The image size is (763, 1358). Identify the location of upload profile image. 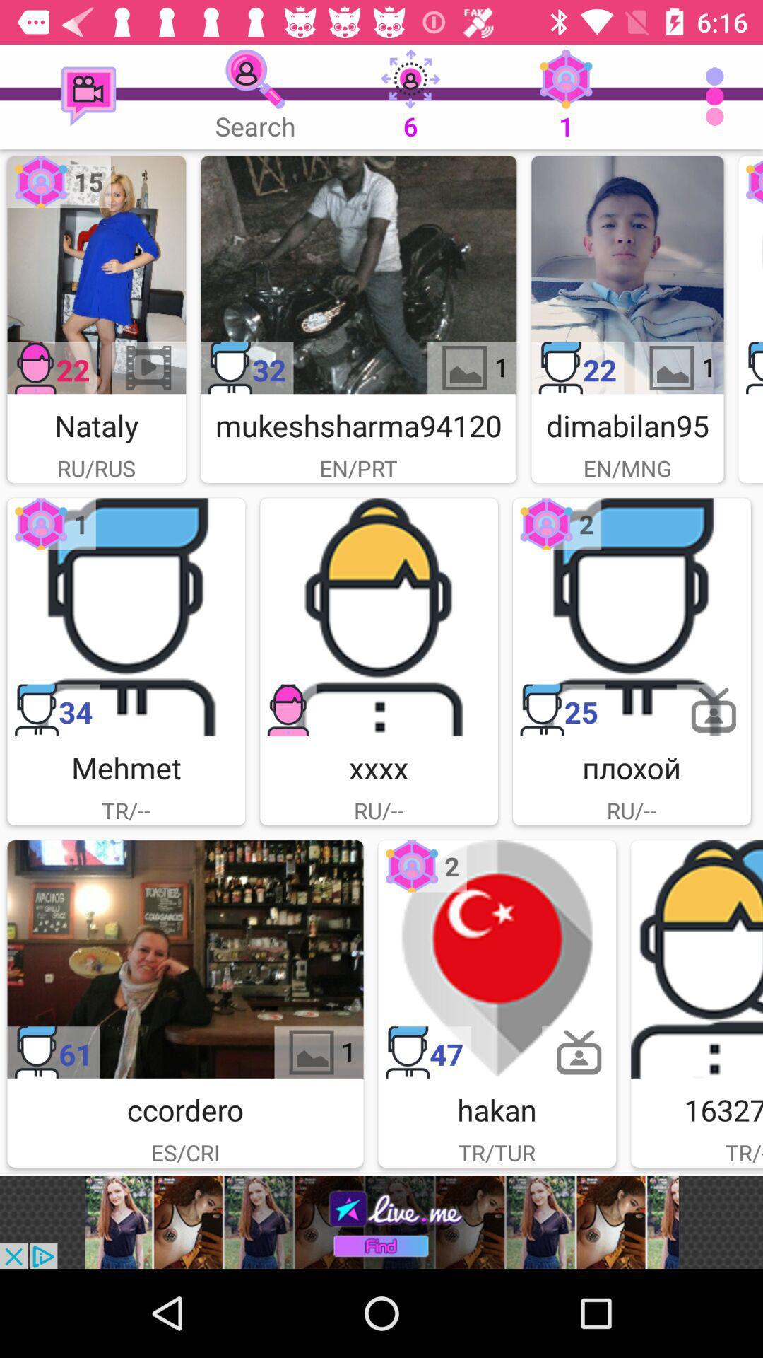
(378, 617).